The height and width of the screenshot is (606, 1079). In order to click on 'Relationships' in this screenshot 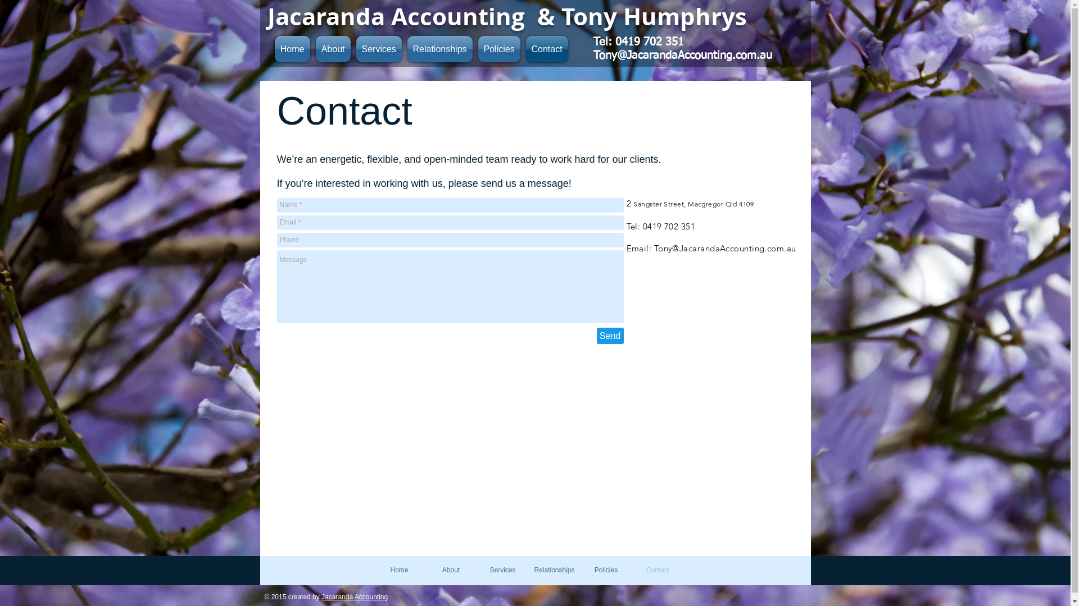, I will do `click(405, 48)`.